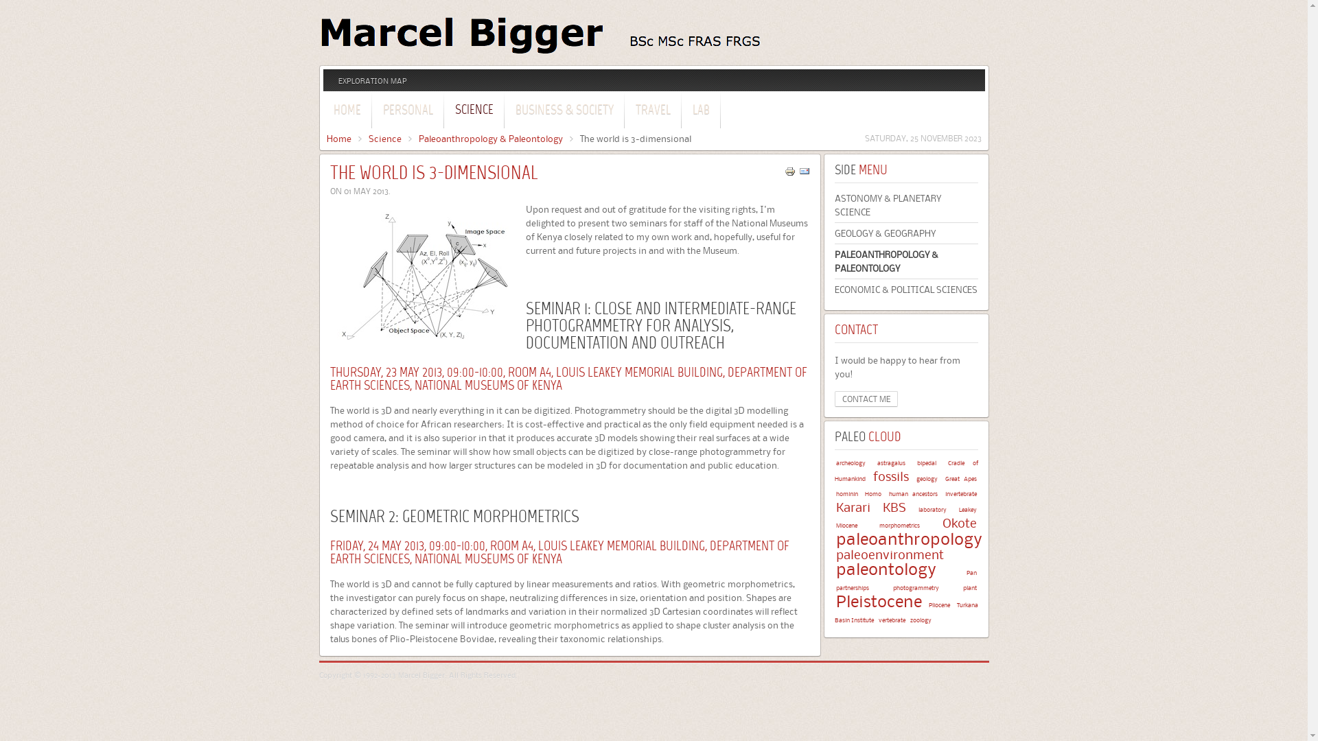 The image size is (1318, 741). I want to click on 'archeology', so click(835, 462).